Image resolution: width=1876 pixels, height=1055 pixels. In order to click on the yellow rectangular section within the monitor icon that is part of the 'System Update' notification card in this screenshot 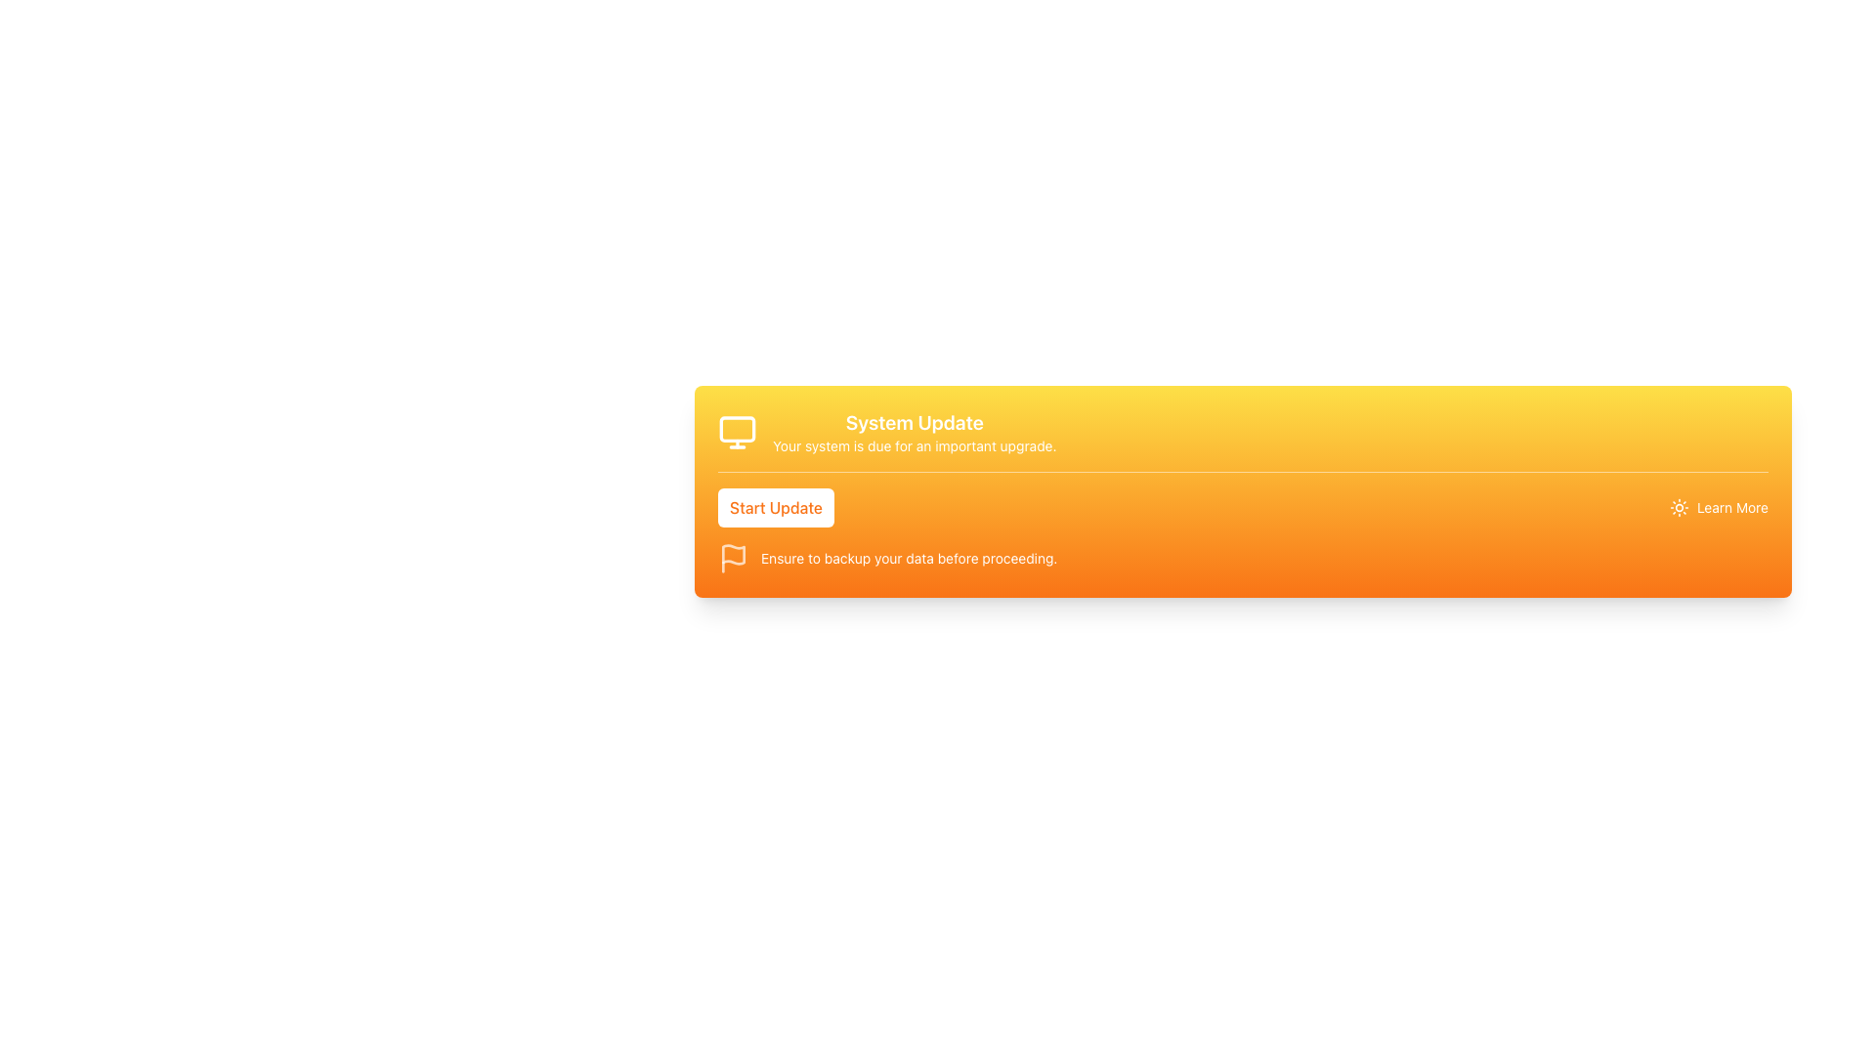, I will do `click(736, 428)`.